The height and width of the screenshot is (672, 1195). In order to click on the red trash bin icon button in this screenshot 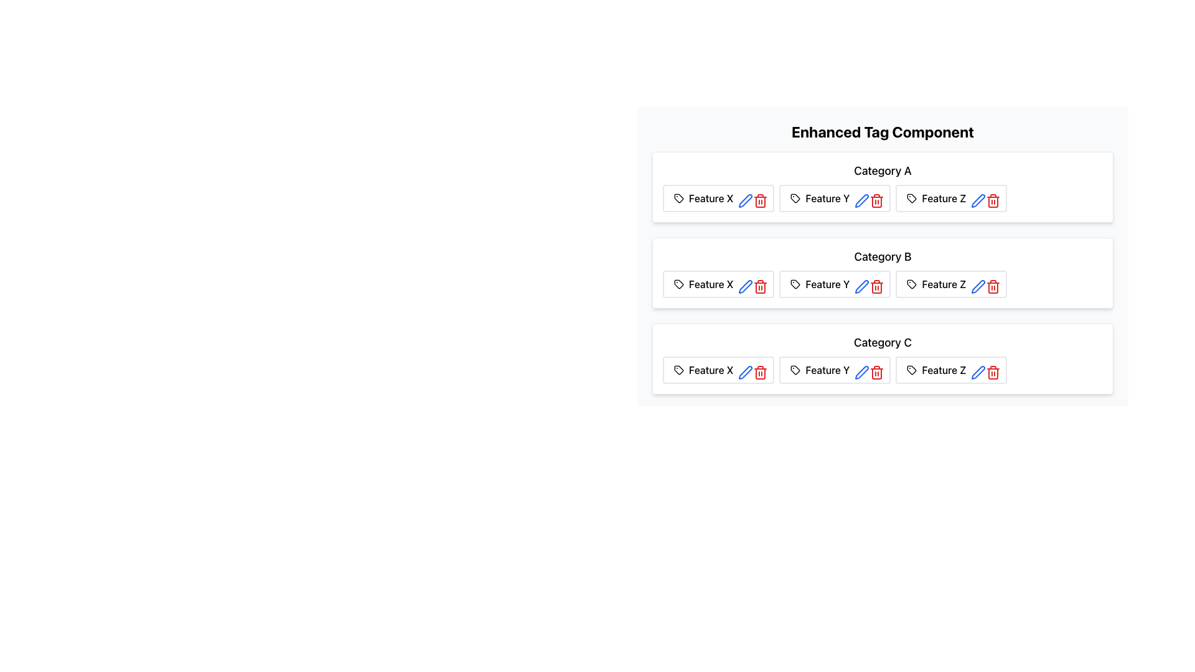, I will do `click(760, 200)`.